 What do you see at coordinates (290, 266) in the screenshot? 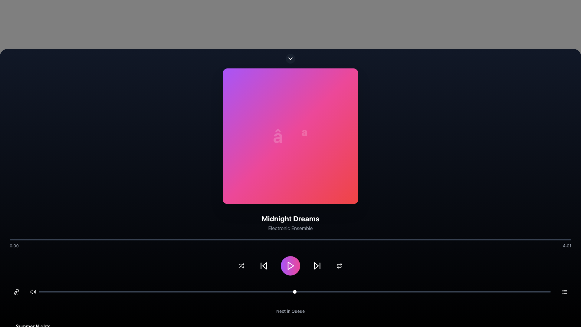
I see `a button on the Toolbar located at the bottom of the interface` at bounding box center [290, 266].